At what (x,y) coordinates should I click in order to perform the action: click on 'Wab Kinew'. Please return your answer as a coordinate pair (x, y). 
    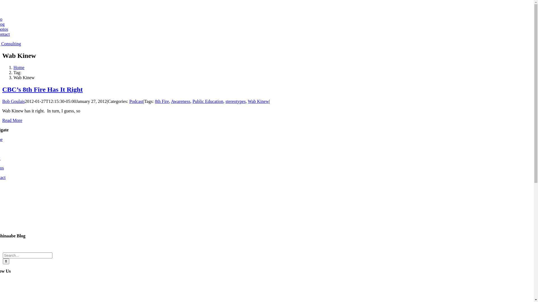
    Looking at the image, I should click on (247, 101).